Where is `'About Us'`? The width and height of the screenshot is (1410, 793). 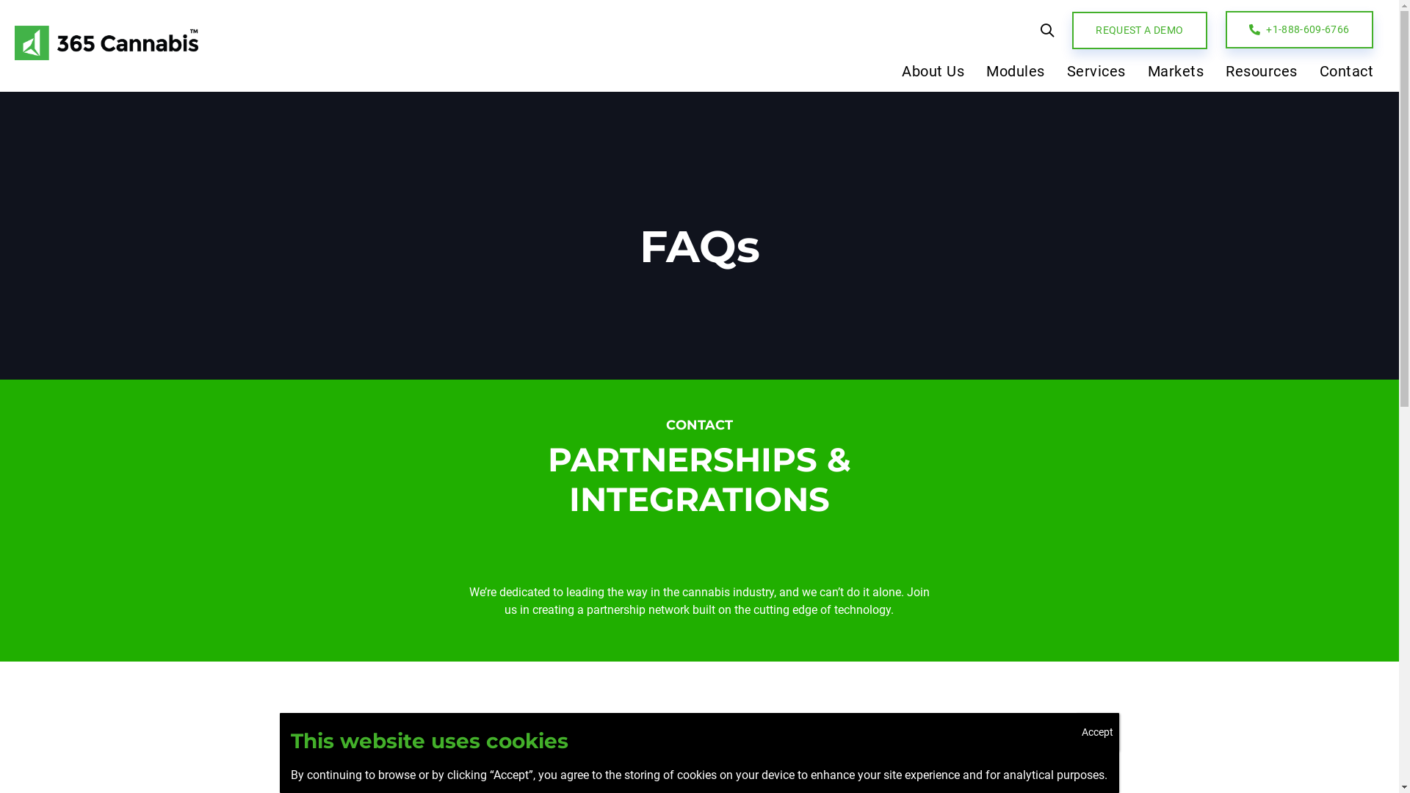 'About Us' is located at coordinates (890, 74).